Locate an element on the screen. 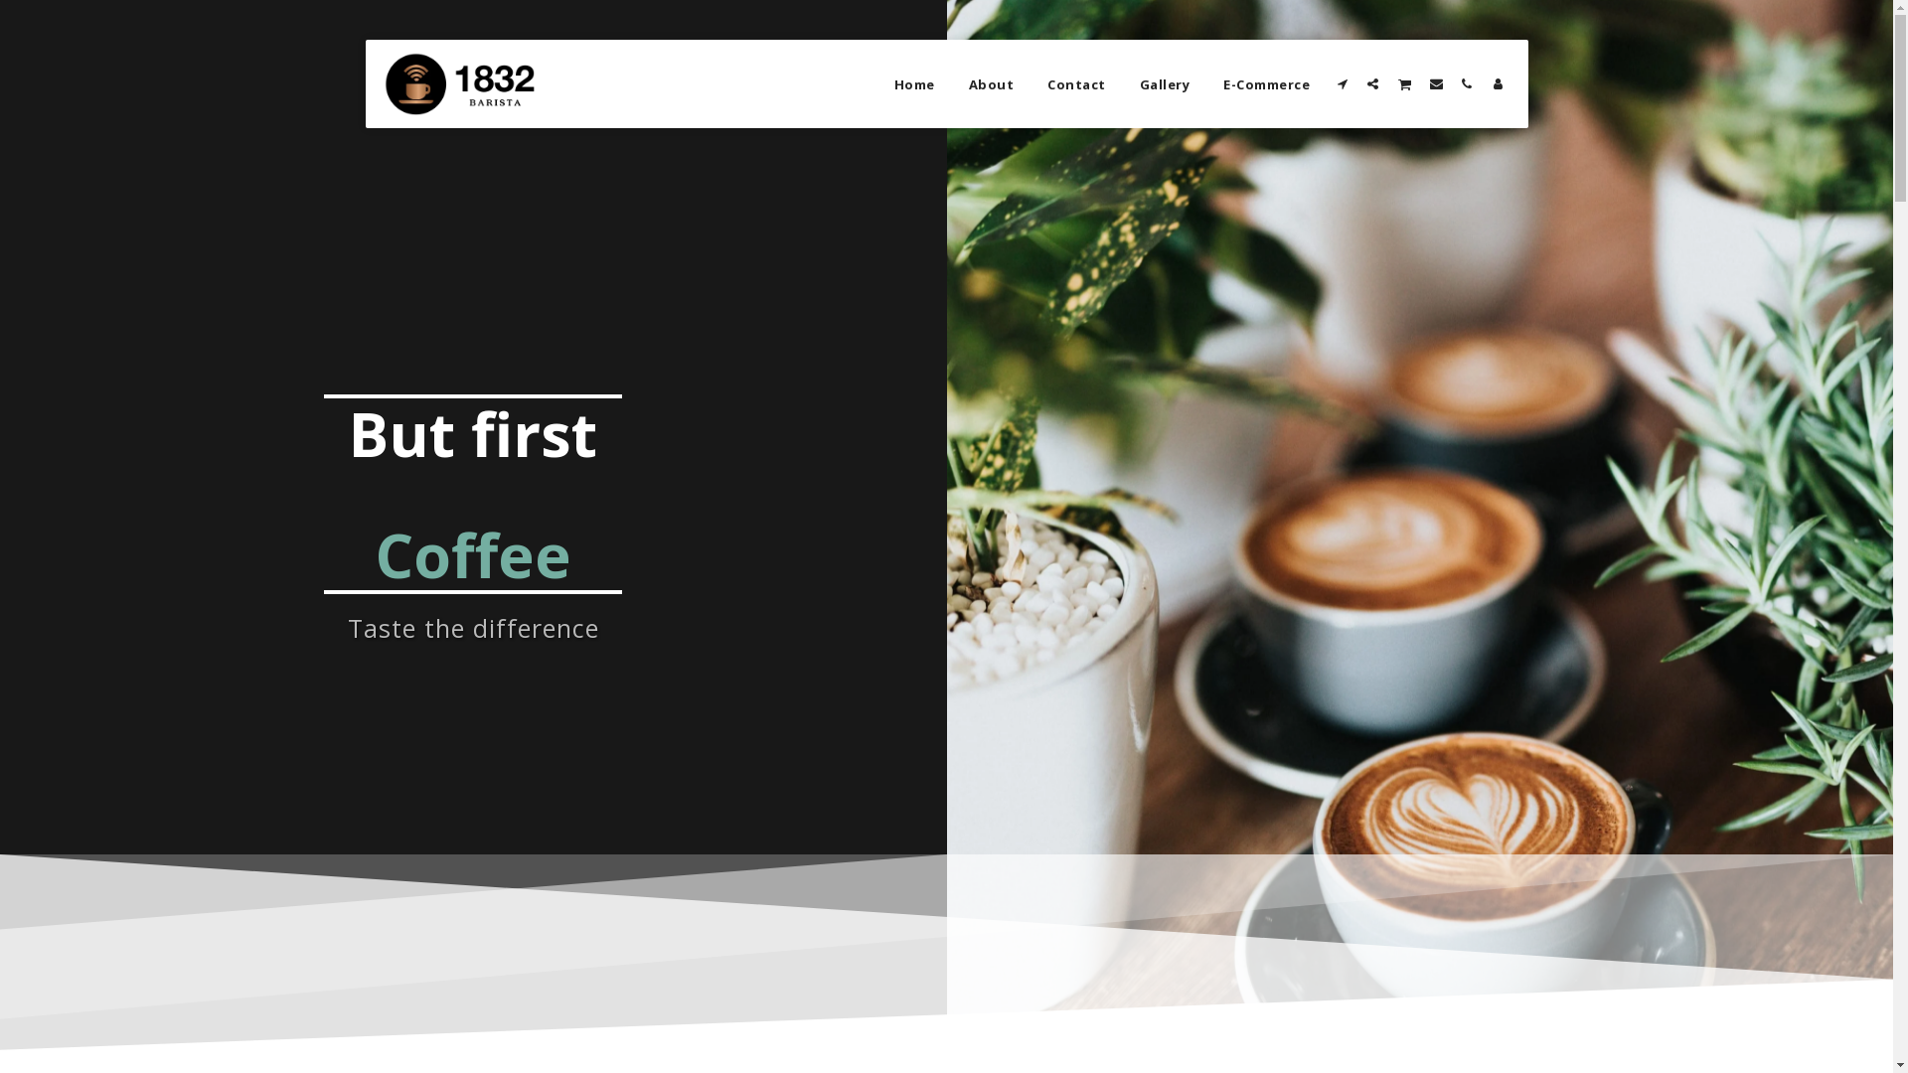 This screenshot has width=1908, height=1073. 'Gallery' is located at coordinates (1165, 82).